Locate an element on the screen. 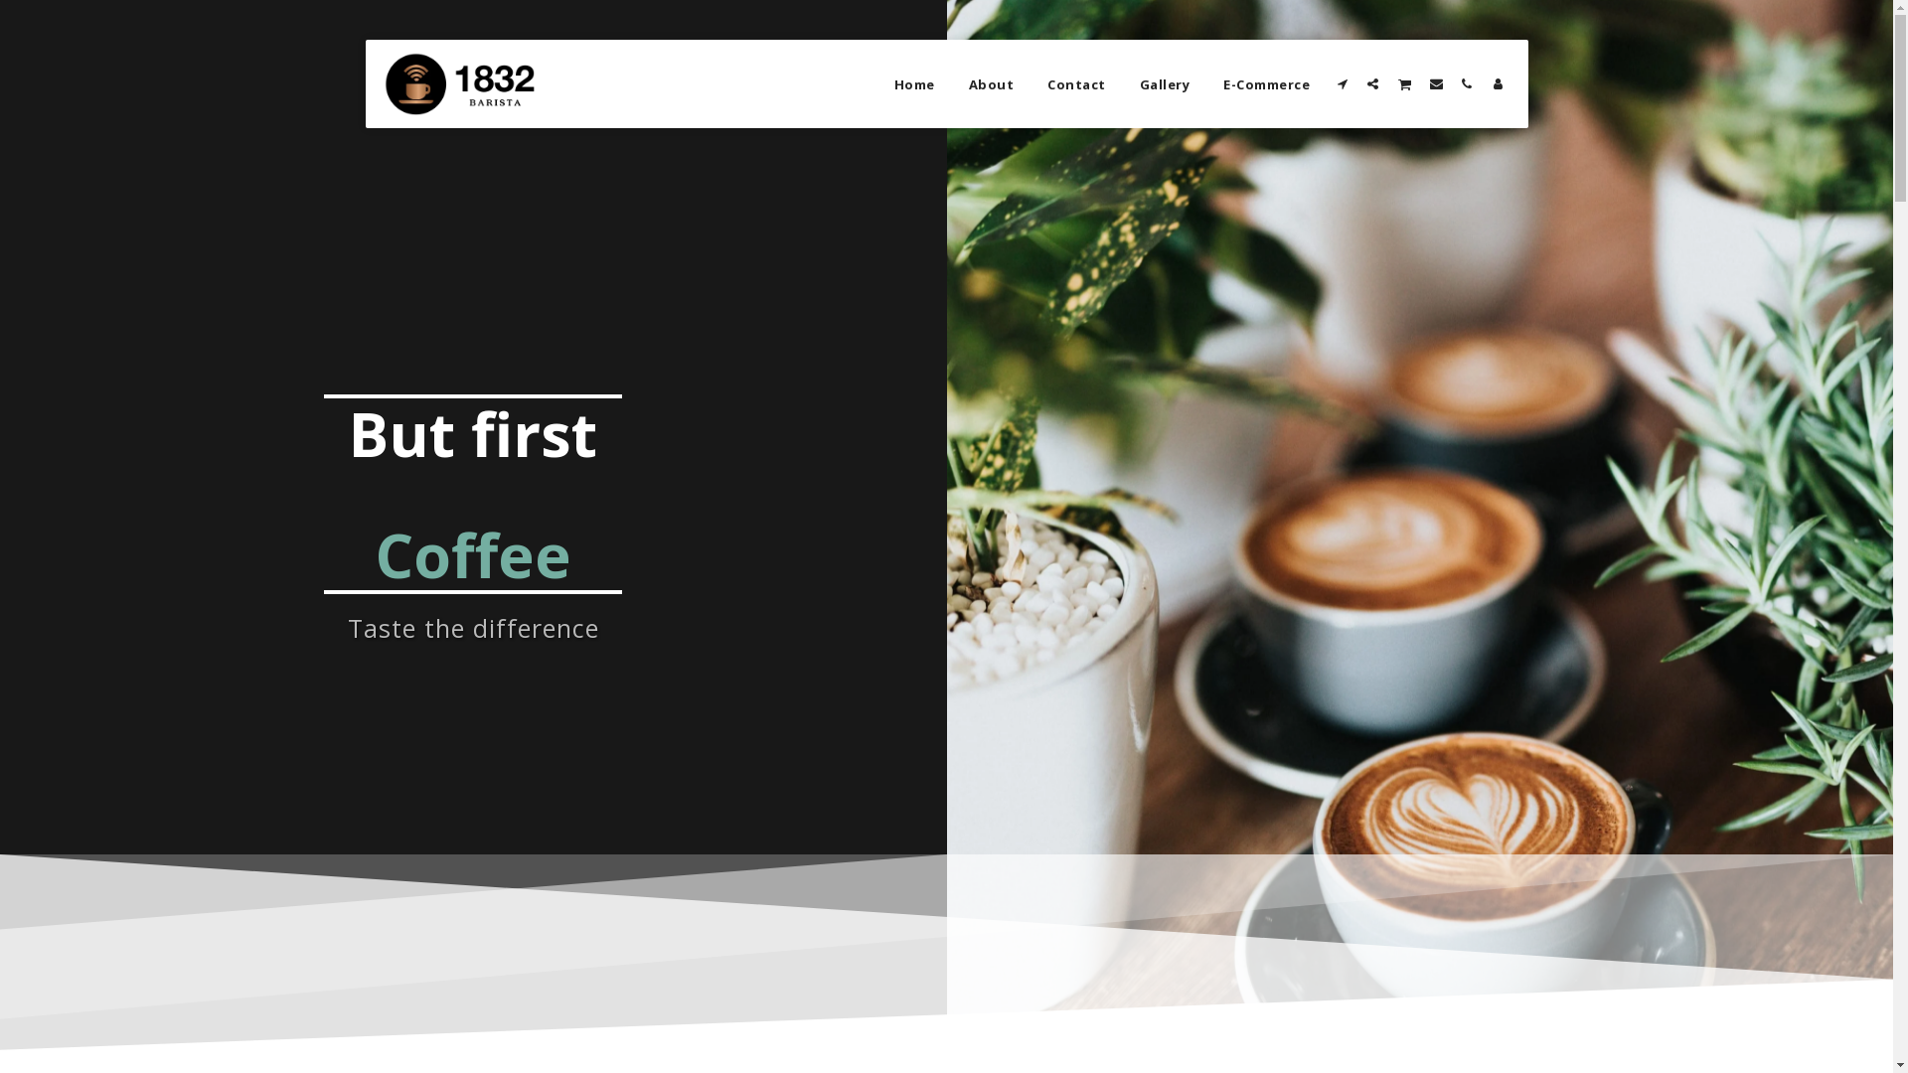 This screenshot has width=1908, height=1073. 'Gallery' is located at coordinates (1165, 82).